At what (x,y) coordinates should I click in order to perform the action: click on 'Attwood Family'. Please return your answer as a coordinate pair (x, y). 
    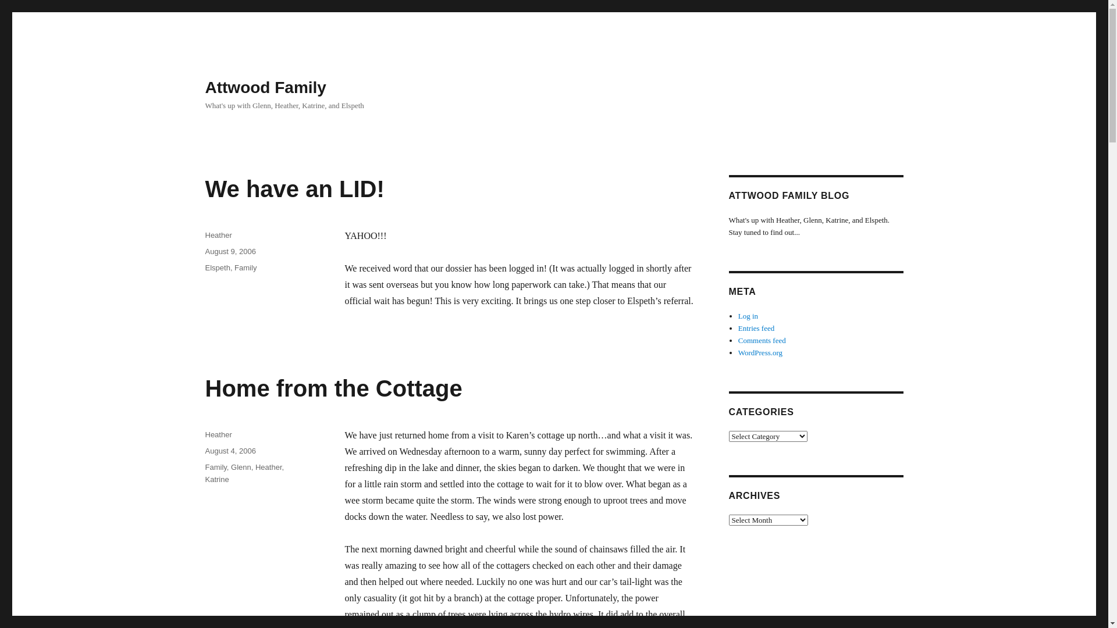
    Looking at the image, I should click on (265, 87).